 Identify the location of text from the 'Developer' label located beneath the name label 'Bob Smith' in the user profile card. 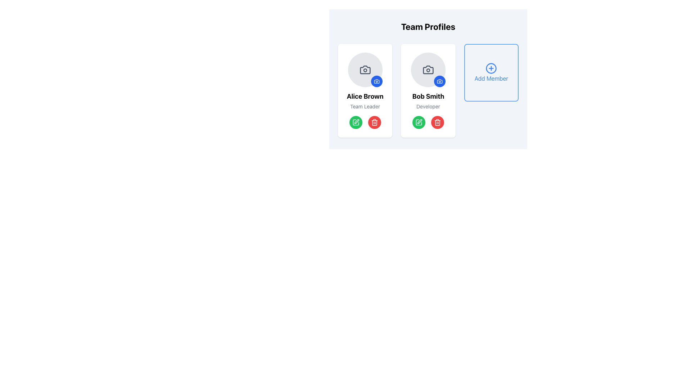
(428, 107).